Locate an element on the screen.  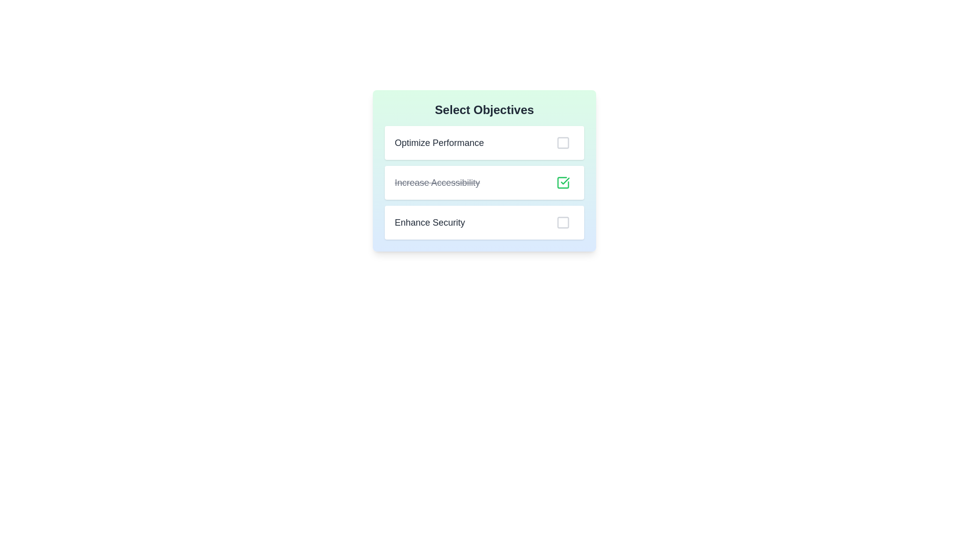
the checkbox is located at coordinates (563, 182).